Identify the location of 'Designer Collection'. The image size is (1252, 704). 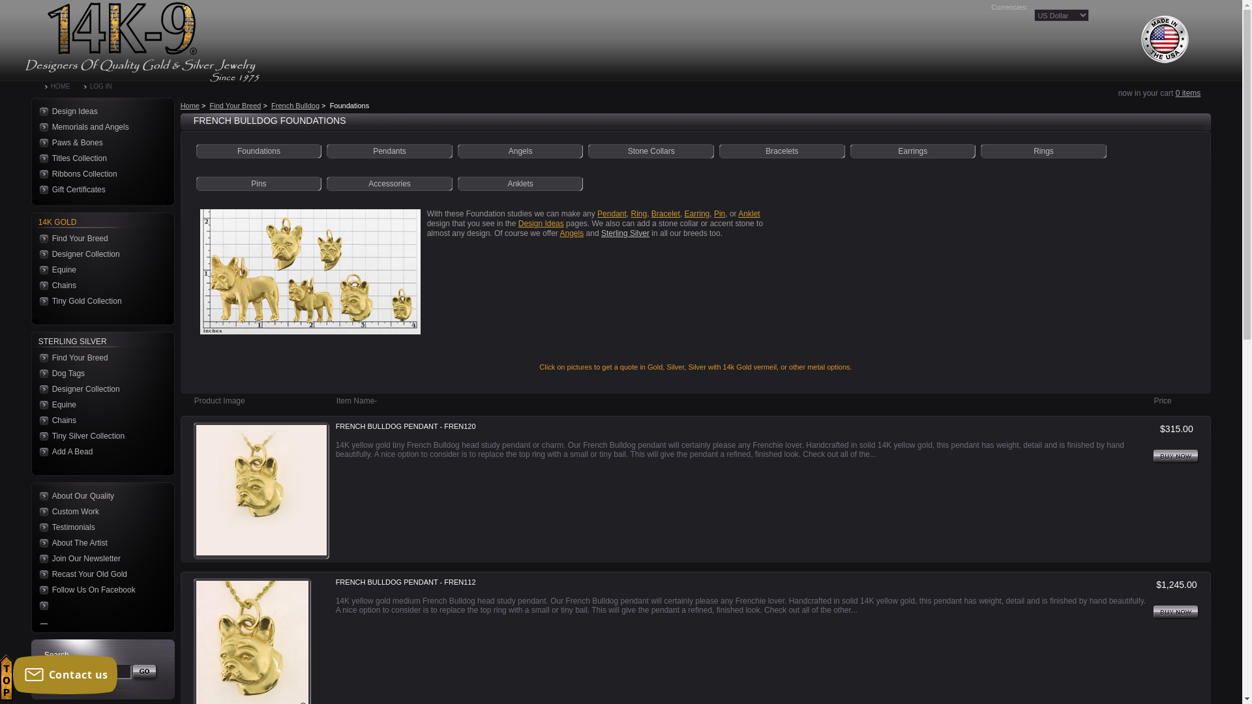
(98, 389).